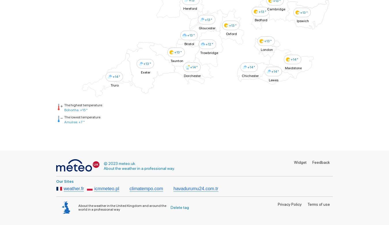 This screenshot has height=225, width=389. I want to click on 'Maidstone', so click(293, 68).